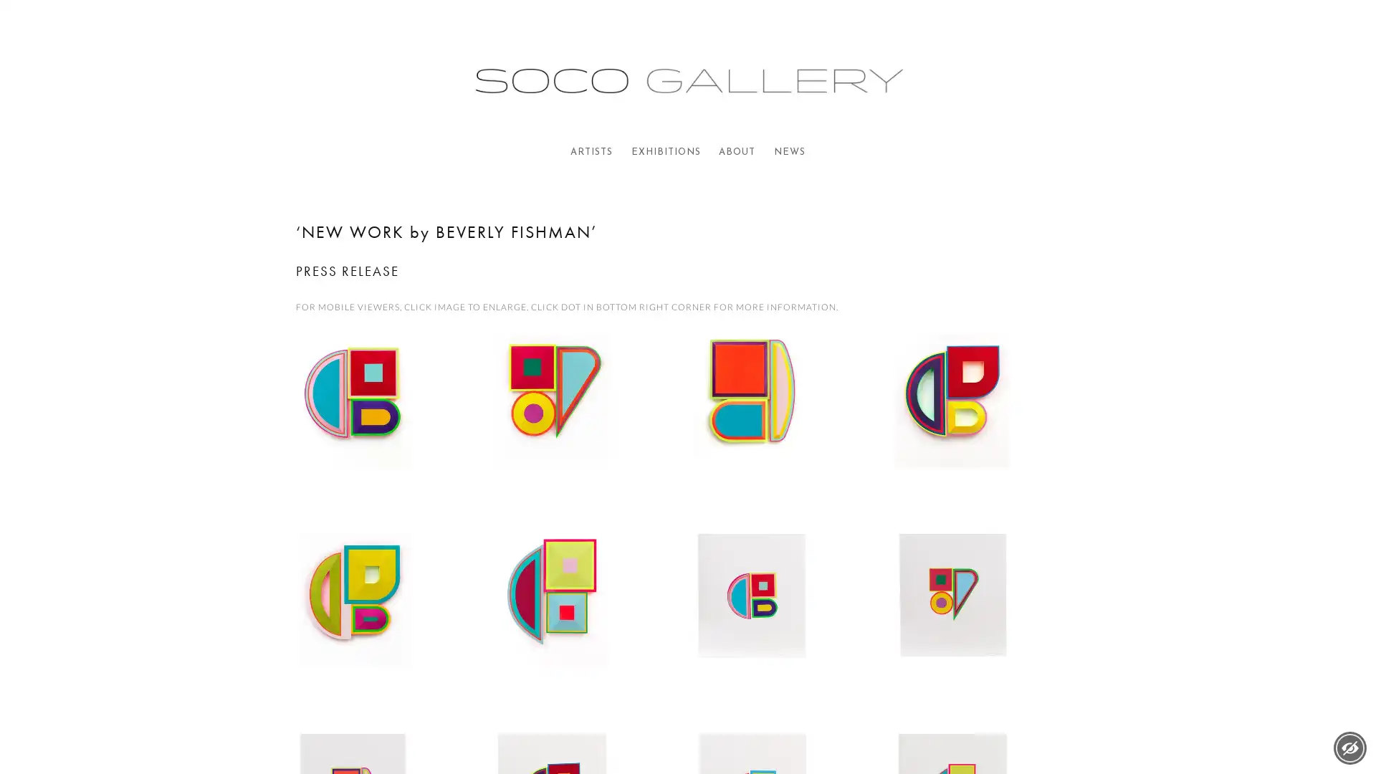  Describe the element at coordinates (1349, 747) in the screenshot. I see `Accessibility Menu` at that location.